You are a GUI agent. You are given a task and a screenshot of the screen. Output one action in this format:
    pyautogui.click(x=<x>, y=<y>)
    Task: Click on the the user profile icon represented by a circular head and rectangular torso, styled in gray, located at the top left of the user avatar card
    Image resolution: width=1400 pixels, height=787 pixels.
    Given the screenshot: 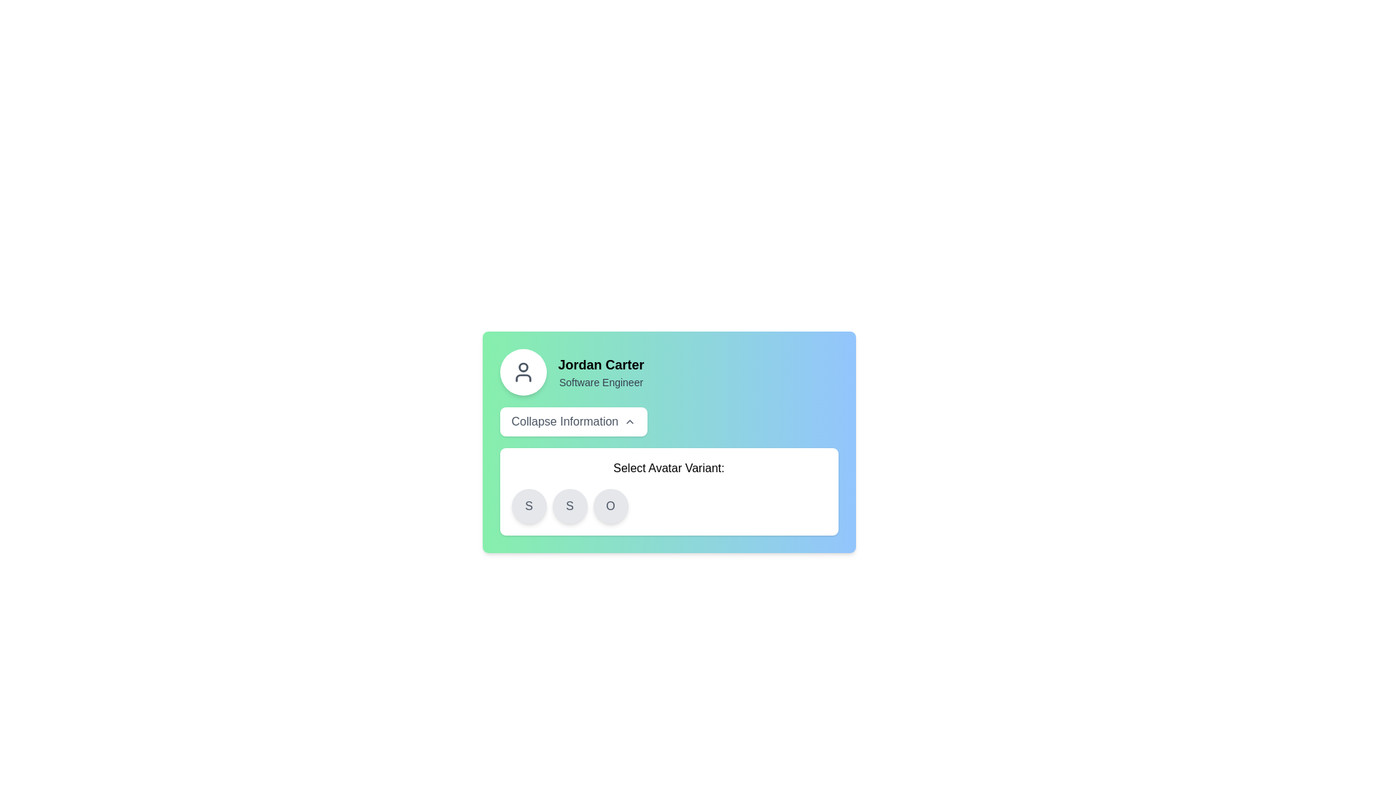 What is the action you would take?
    pyautogui.click(x=523, y=371)
    